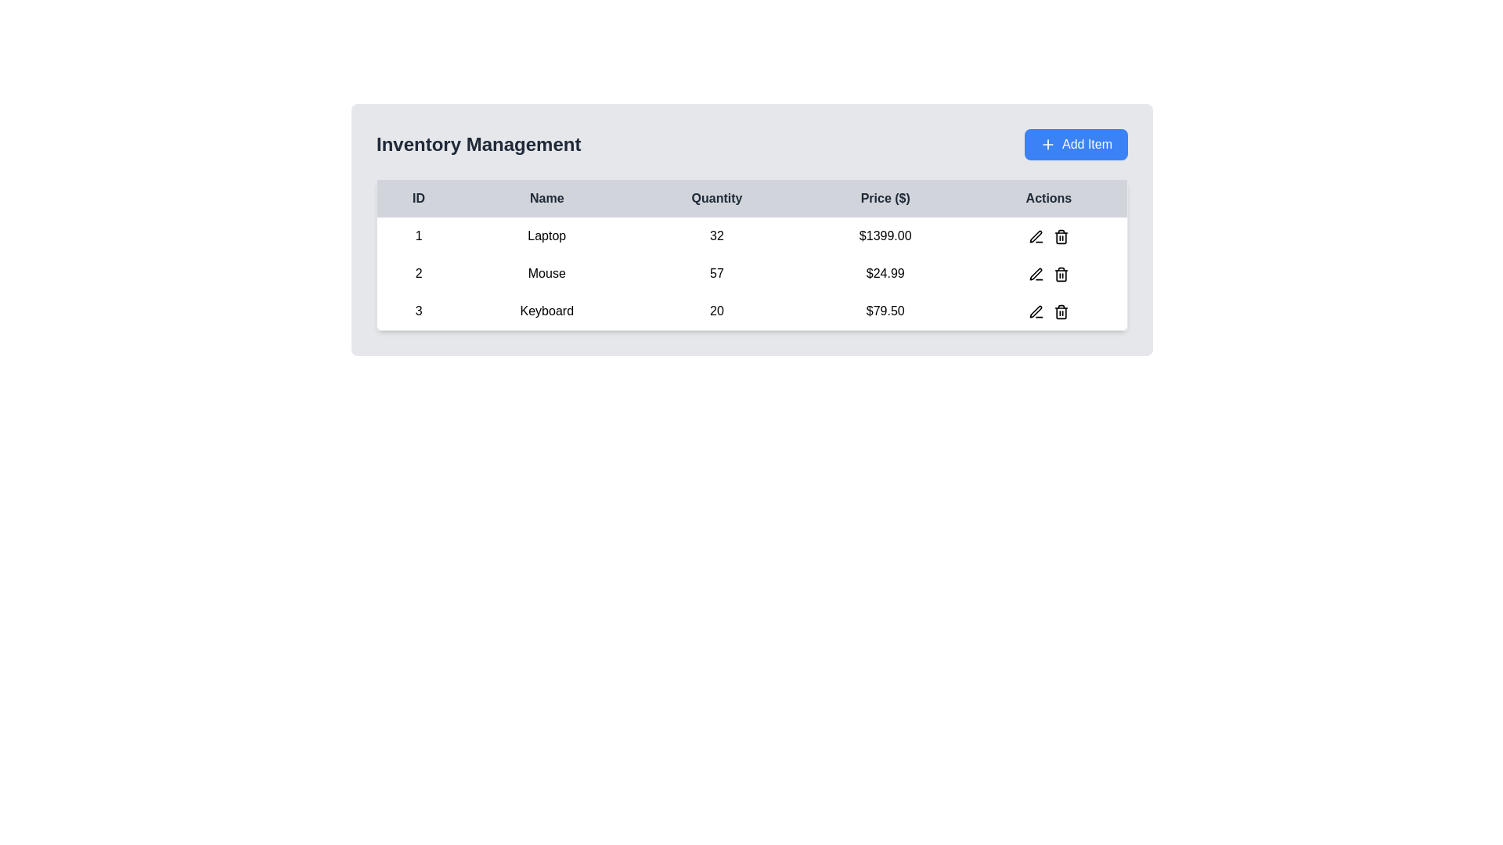 This screenshot has height=845, width=1503. I want to click on the text widget displaying the character '1' in the 'ID' column of the table corresponding to the 'Laptop' entry, so click(418, 236).